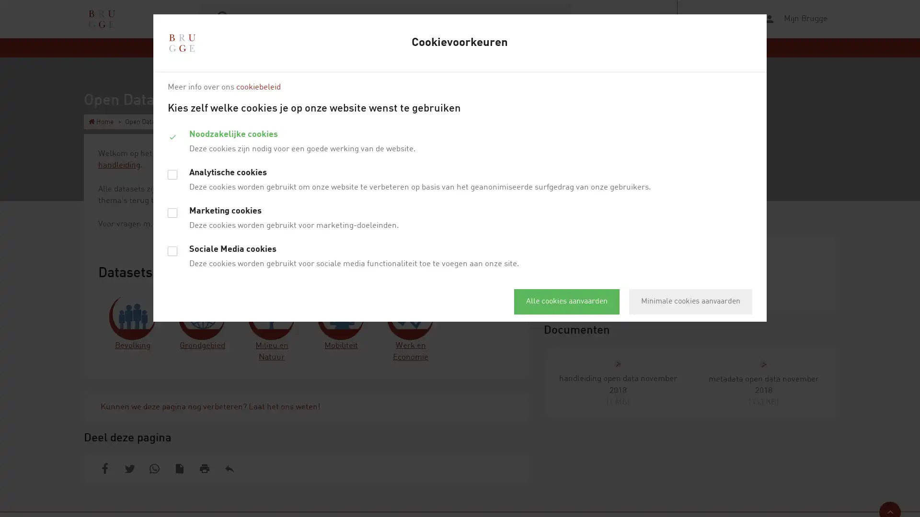  I want to click on webReader menu, so click(669, 19).